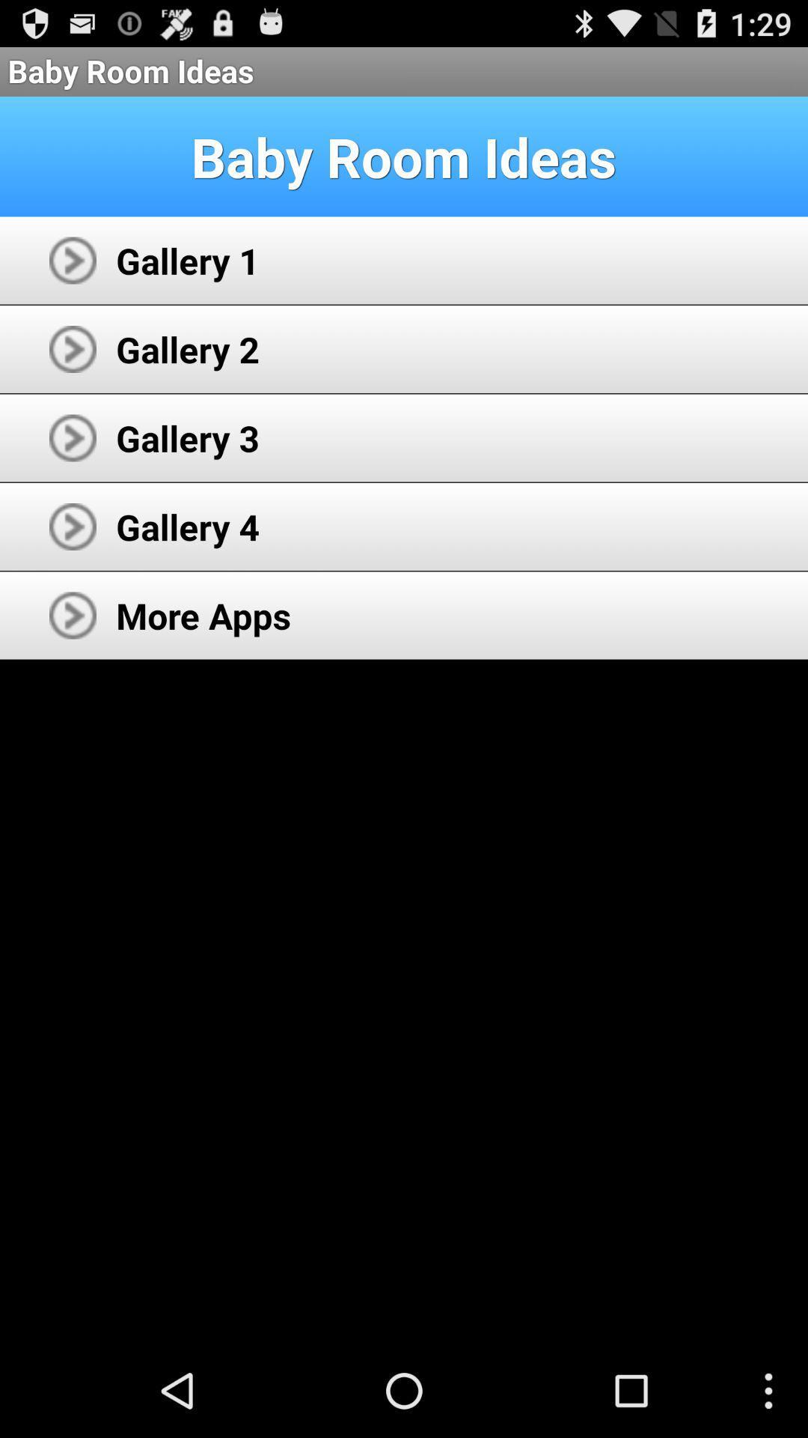 The height and width of the screenshot is (1438, 808). Describe the element at coordinates (187, 527) in the screenshot. I see `the icon below gallery 3` at that location.